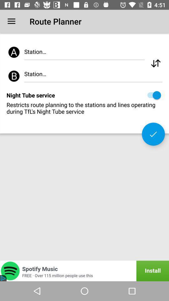 The image size is (169, 301). Describe the element at coordinates (155, 63) in the screenshot. I see `the item at the top right corner` at that location.